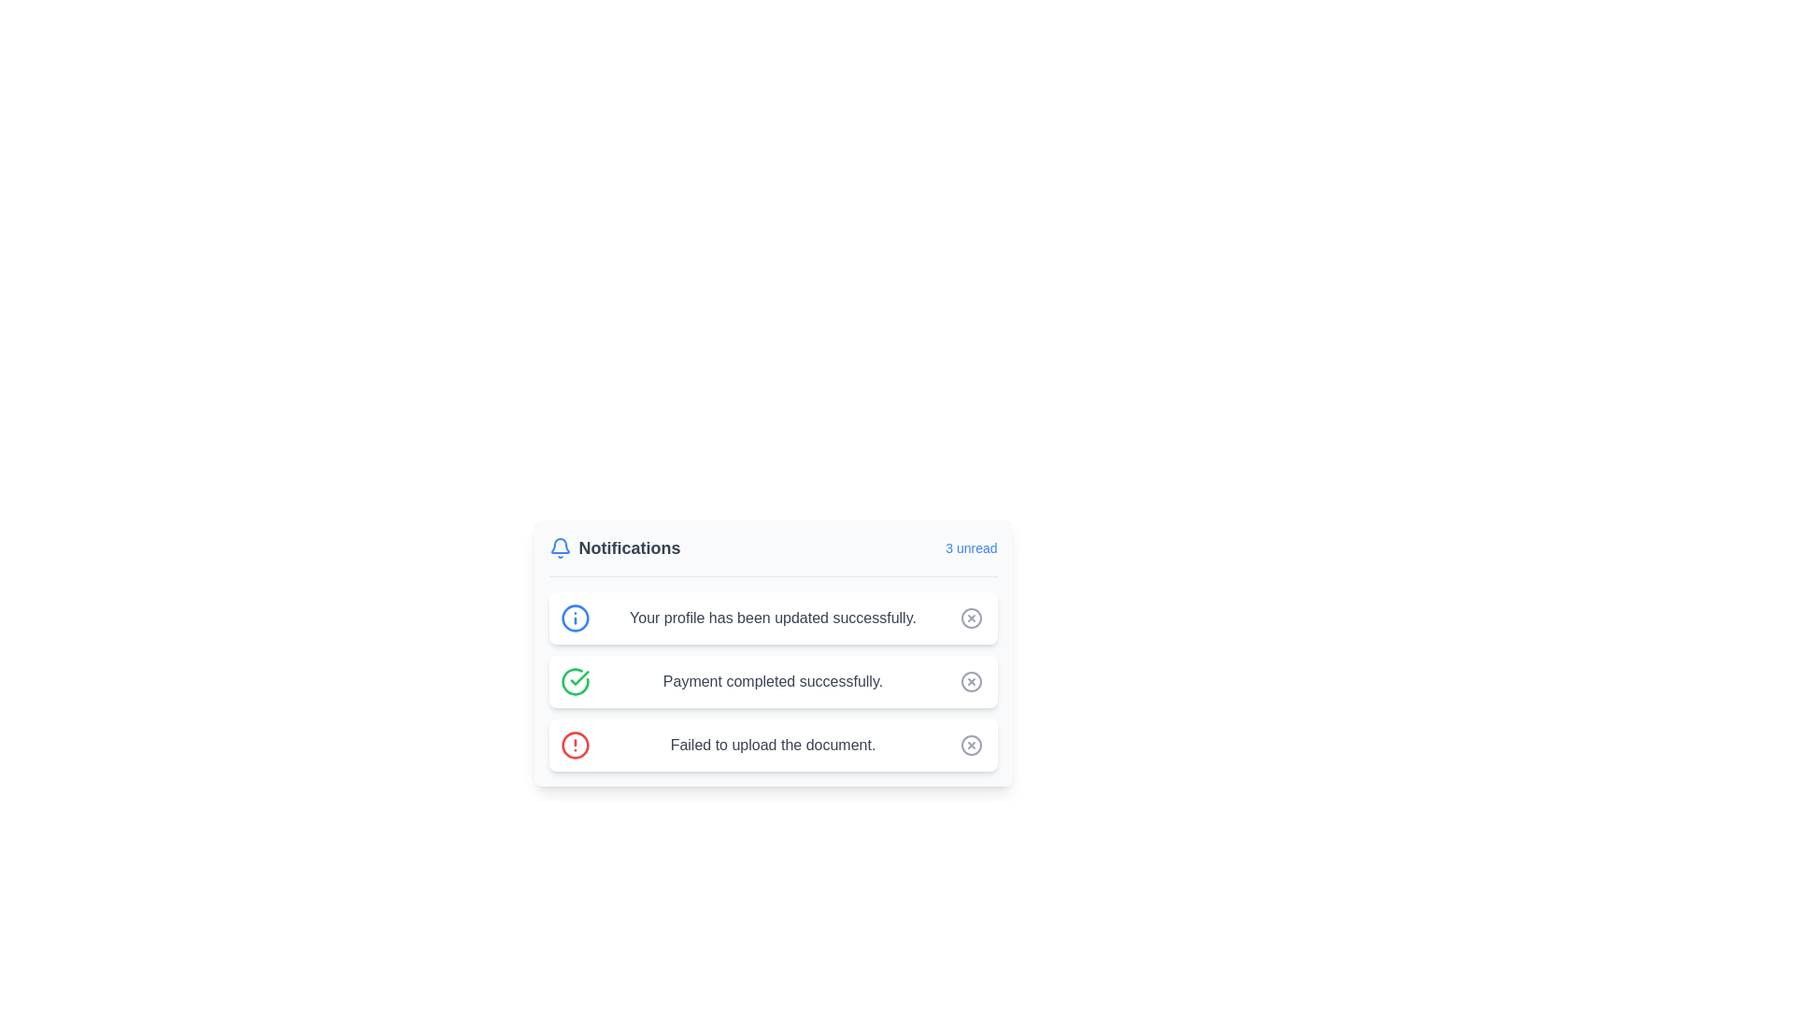 The image size is (1794, 1009). I want to click on the error icon in the 'Failed to upload the document.' notification row, so click(971, 681).